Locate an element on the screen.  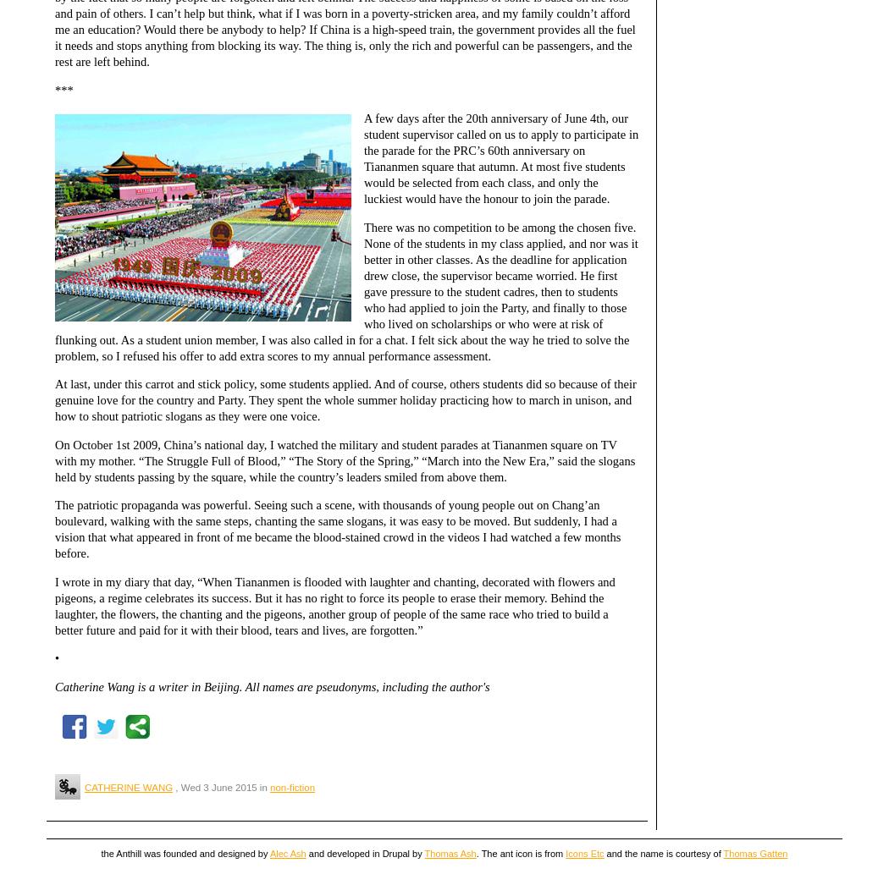
'Alec Ash' is located at coordinates (269, 853).